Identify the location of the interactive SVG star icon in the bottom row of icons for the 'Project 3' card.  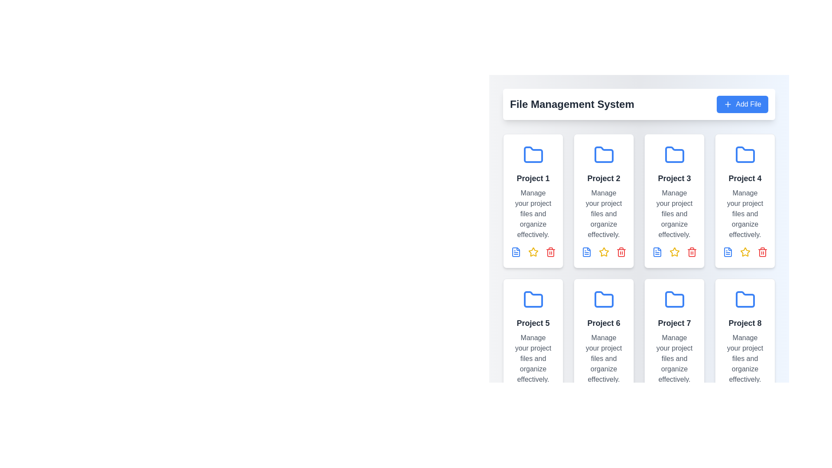
(674, 252).